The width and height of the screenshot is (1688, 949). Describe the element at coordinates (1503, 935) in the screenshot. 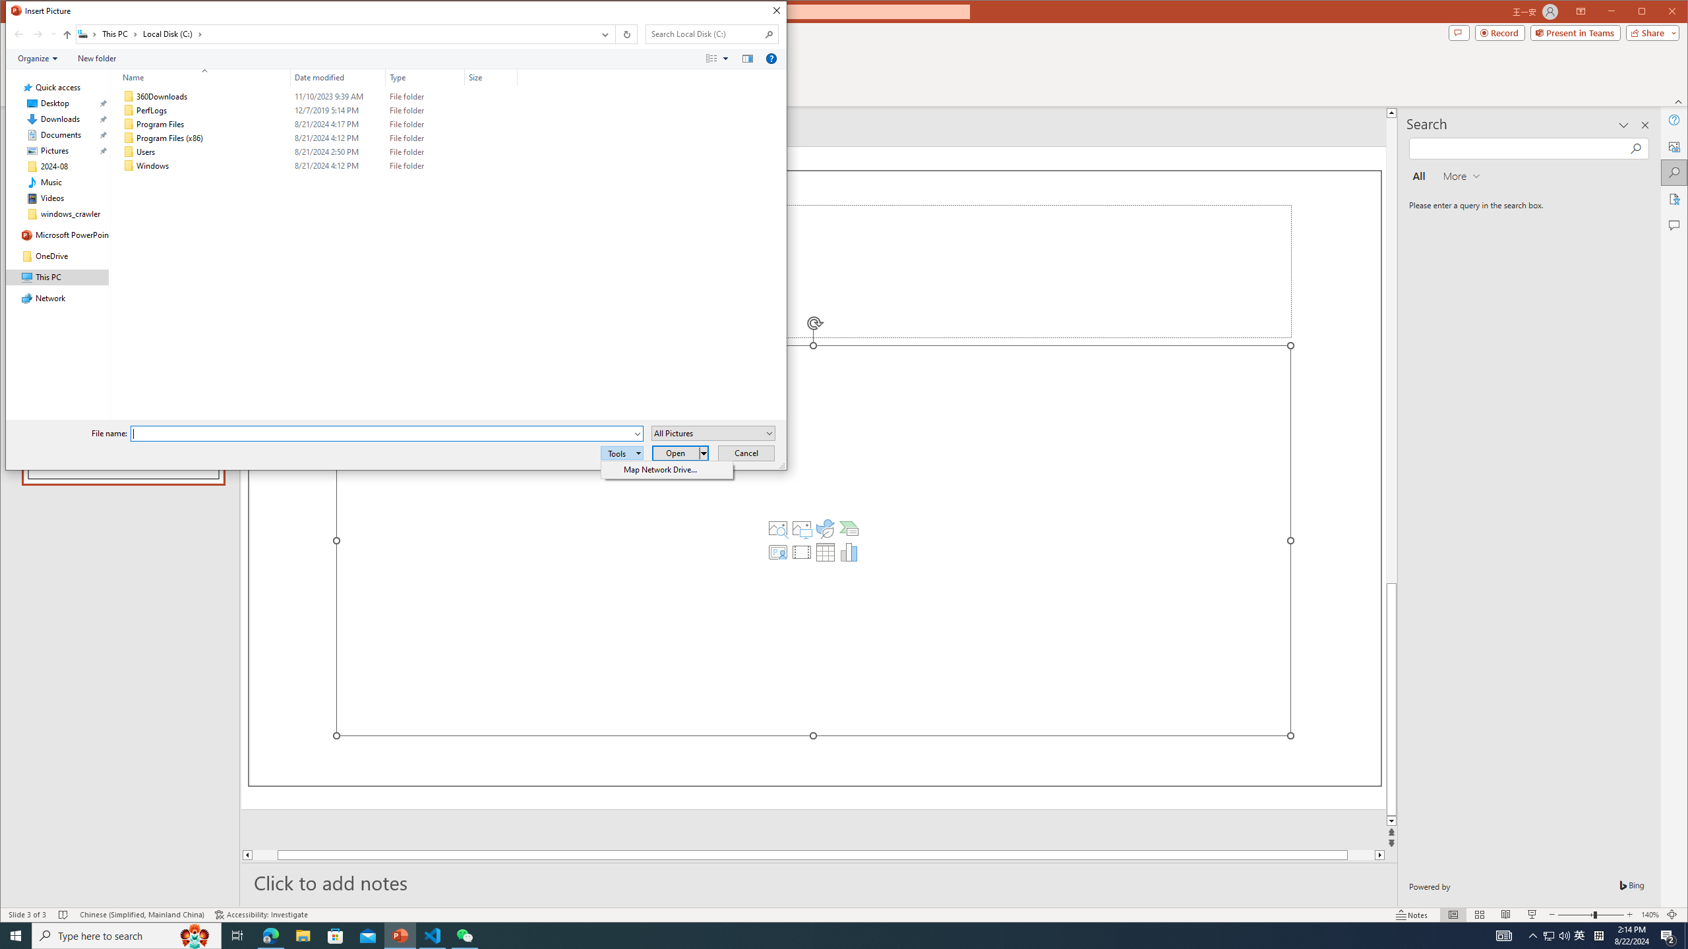

I see `'AutomationID: 4105'` at that location.